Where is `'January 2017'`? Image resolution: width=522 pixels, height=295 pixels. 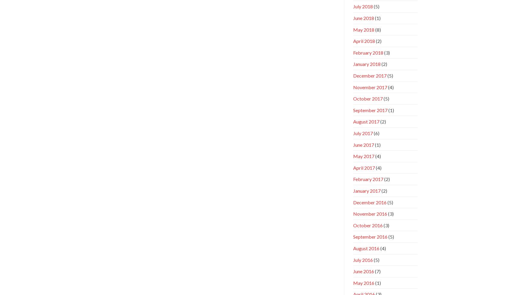
'January 2017' is located at coordinates (367, 190).